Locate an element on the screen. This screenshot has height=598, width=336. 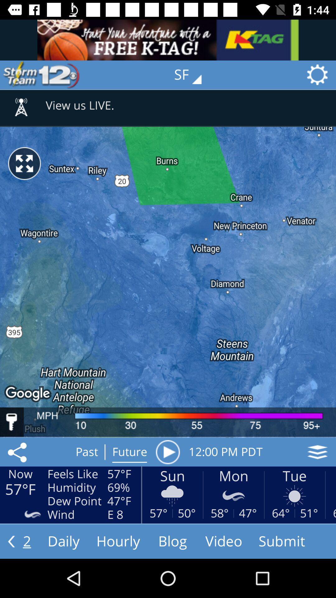
the icon next to future icon is located at coordinates (167, 452).